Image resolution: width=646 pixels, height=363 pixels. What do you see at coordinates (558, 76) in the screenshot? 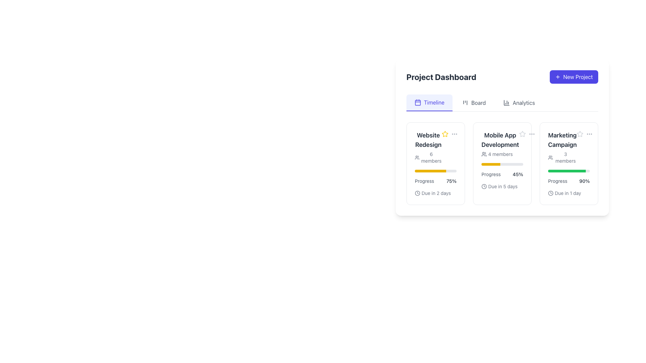
I see `the small, cross-shaped icon with a purple background located to the left of the 'New Project' button` at bounding box center [558, 76].